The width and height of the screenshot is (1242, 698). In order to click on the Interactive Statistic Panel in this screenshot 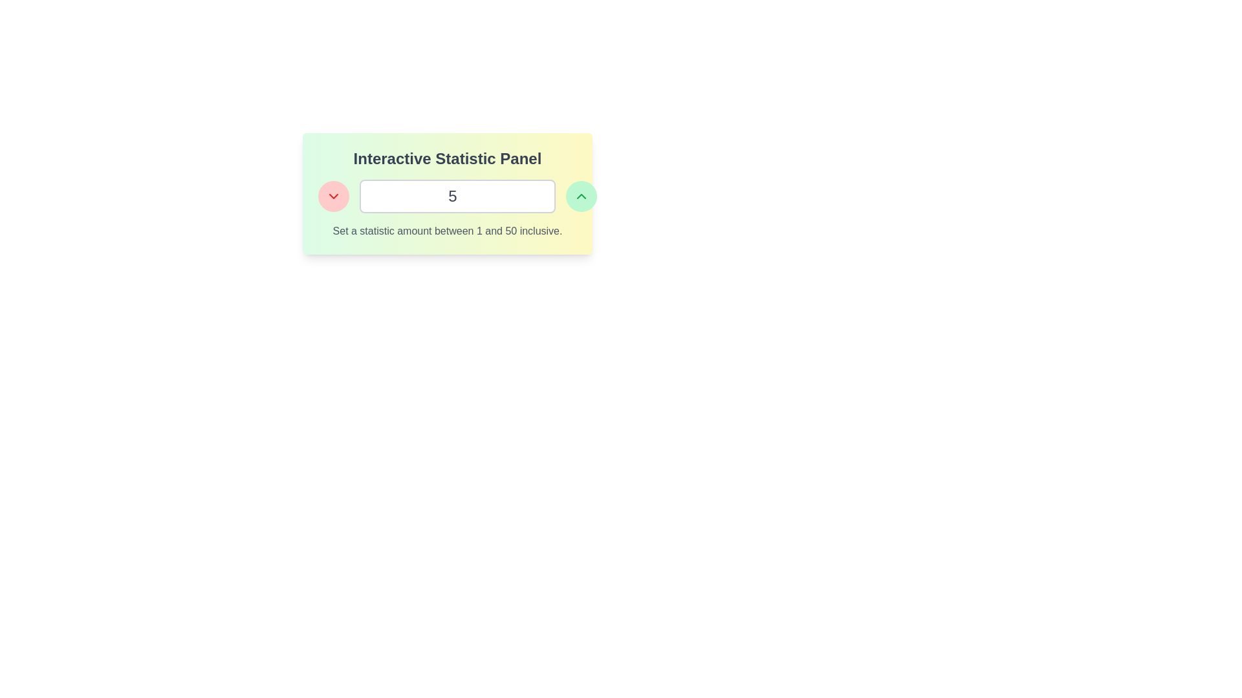, I will do `click(447, 194)`.